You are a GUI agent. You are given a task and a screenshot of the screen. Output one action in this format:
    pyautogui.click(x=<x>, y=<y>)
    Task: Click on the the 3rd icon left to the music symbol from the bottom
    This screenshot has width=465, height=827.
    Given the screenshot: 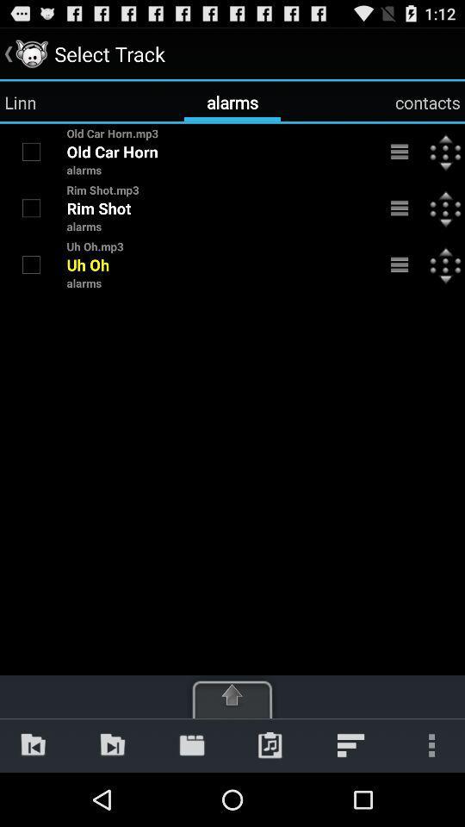 What is the action you would take?
    pyautogui.click(x=191, y=744)
    